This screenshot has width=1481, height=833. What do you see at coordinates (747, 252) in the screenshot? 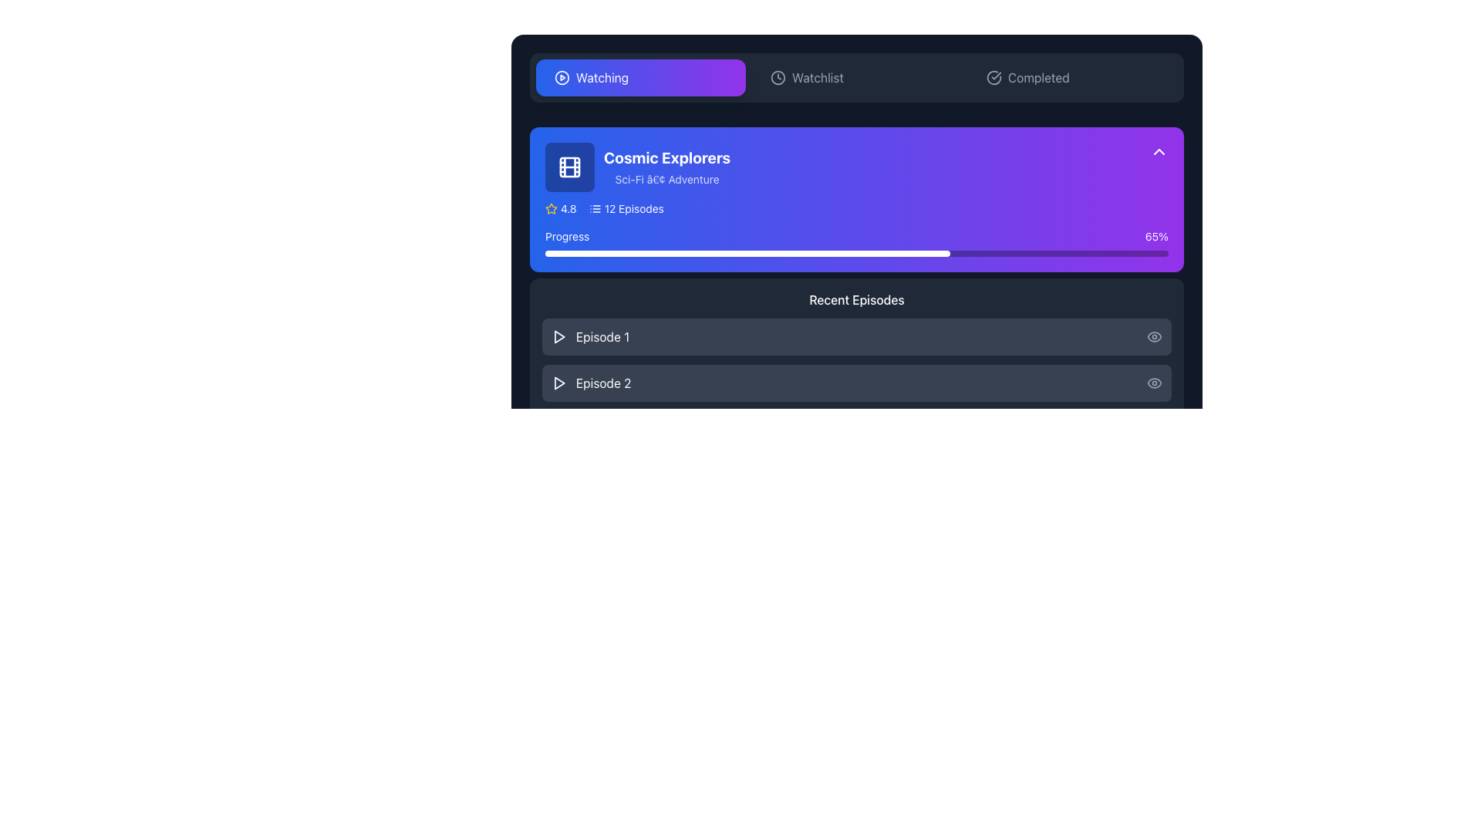
I see `the filled portion of the progress bar which is a white bar with rounded ends located in the center-bottom of the purple card labeled 'Cosmic Explorers'` at bounding box center [747, 252].